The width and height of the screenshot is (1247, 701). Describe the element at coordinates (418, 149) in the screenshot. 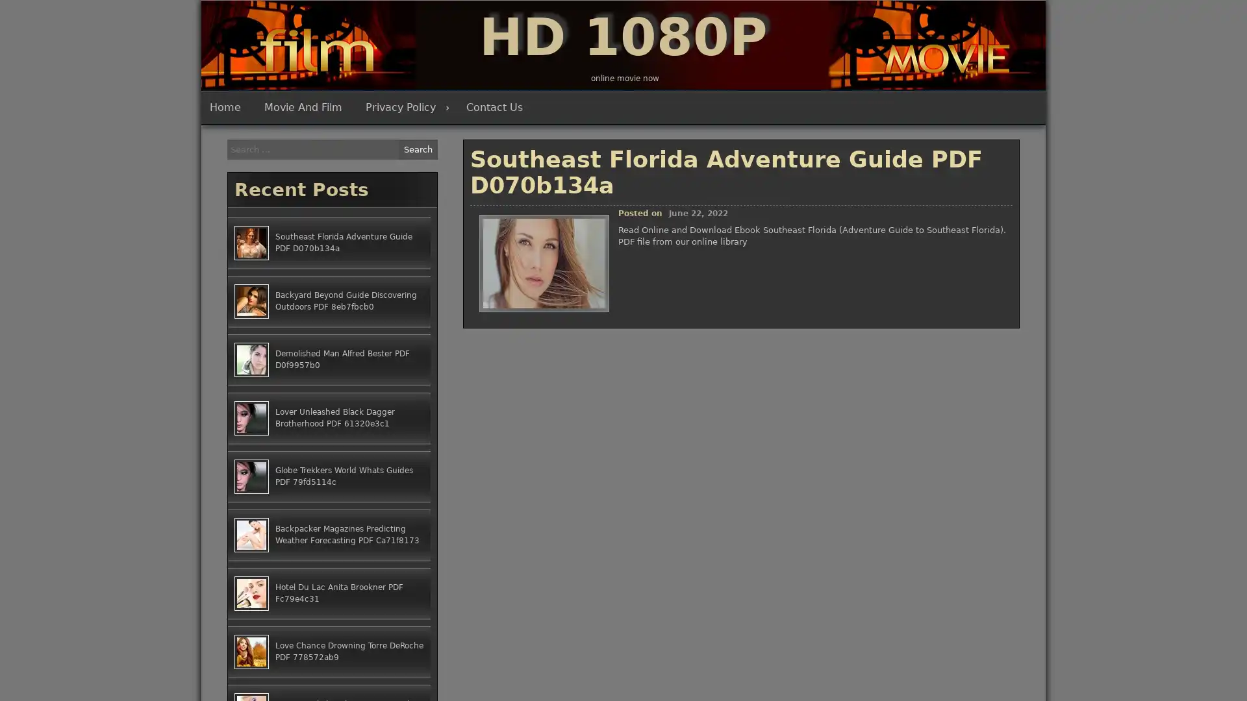

I see `Search` at that location.